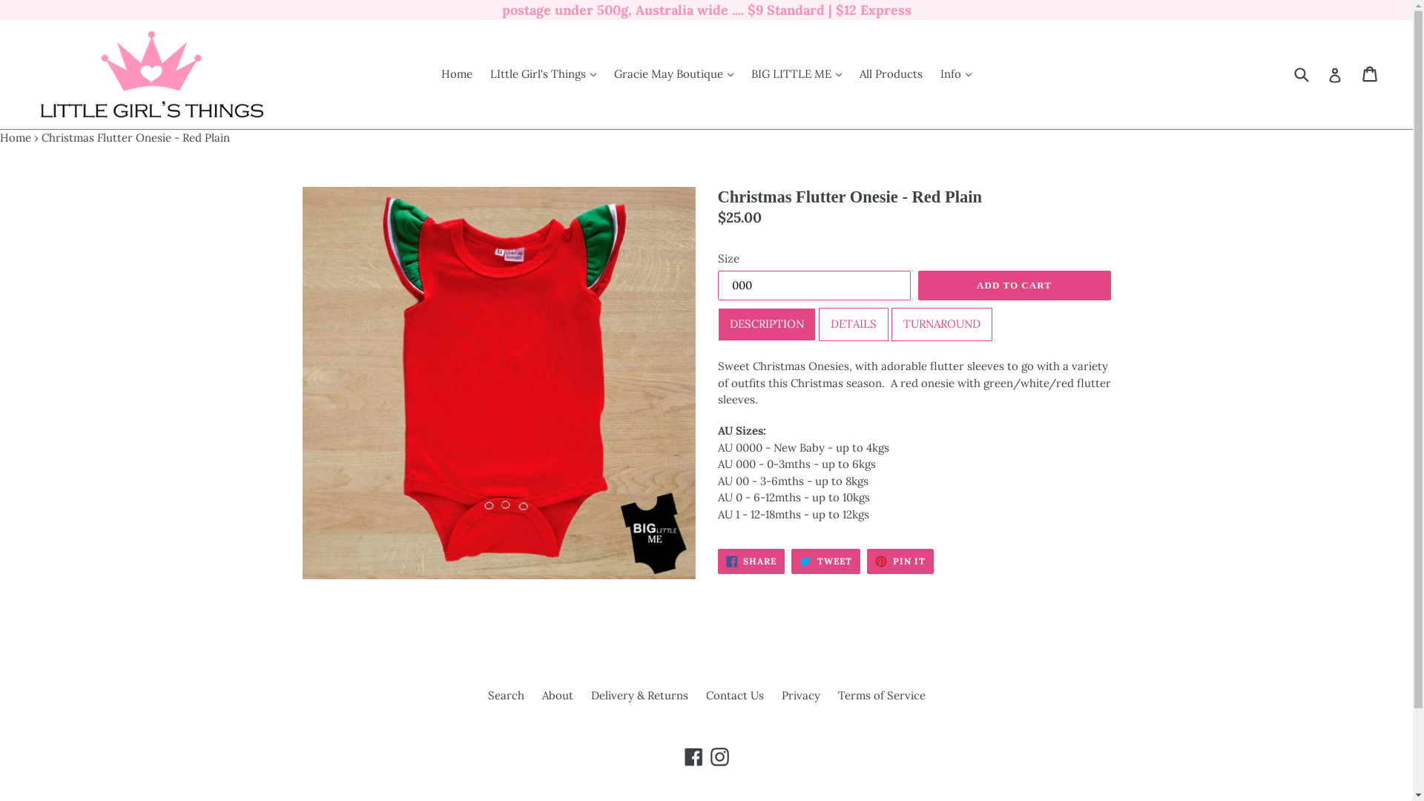 The height and width of the screenshot is (801, 1424). Describe the element at coordinates (1370, 74) in the screenshot. I see `'Cart` at that location.